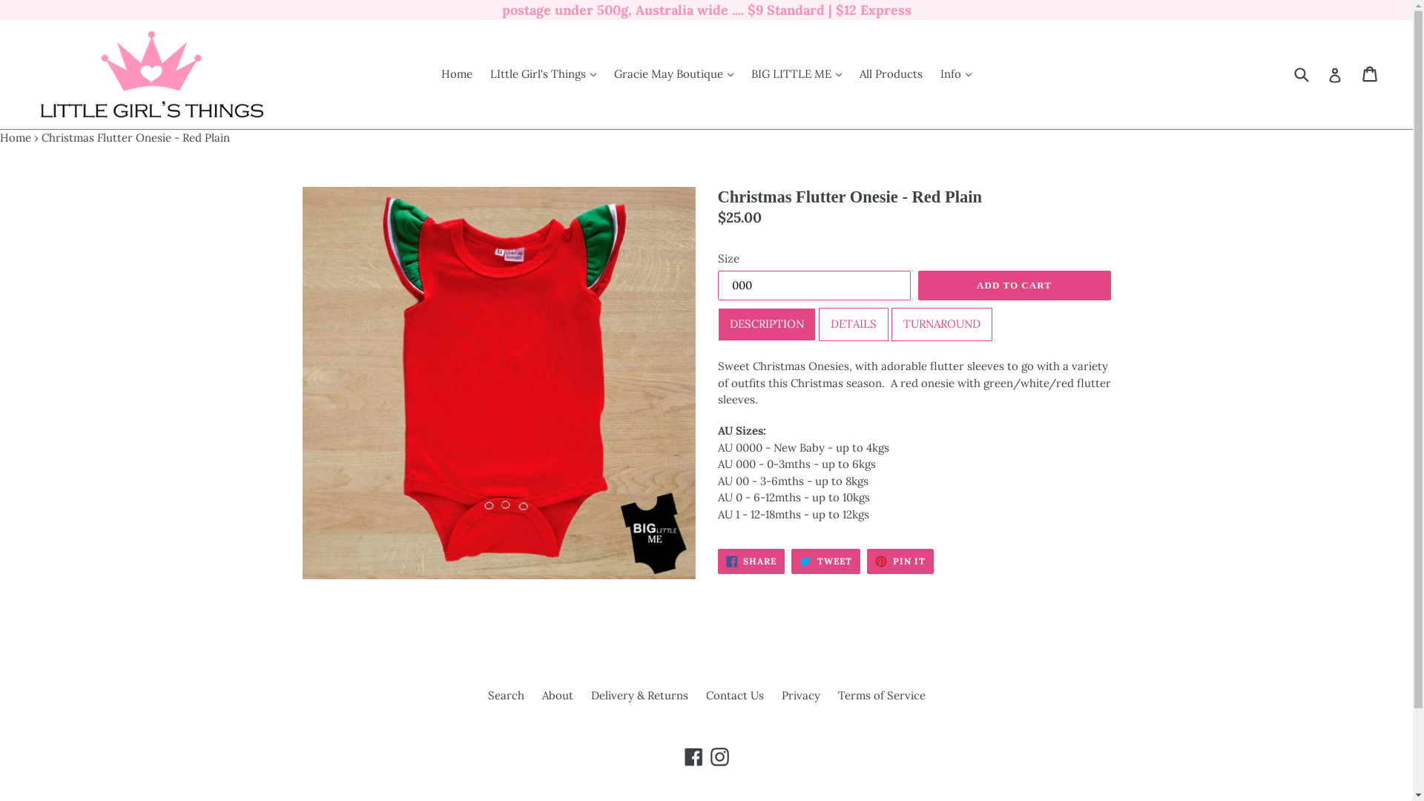 The height and width of the screenshot is (801, 1424). Describe the element at coordinates (1370, 74) in the screenshot. I see `'Cart` at that location.